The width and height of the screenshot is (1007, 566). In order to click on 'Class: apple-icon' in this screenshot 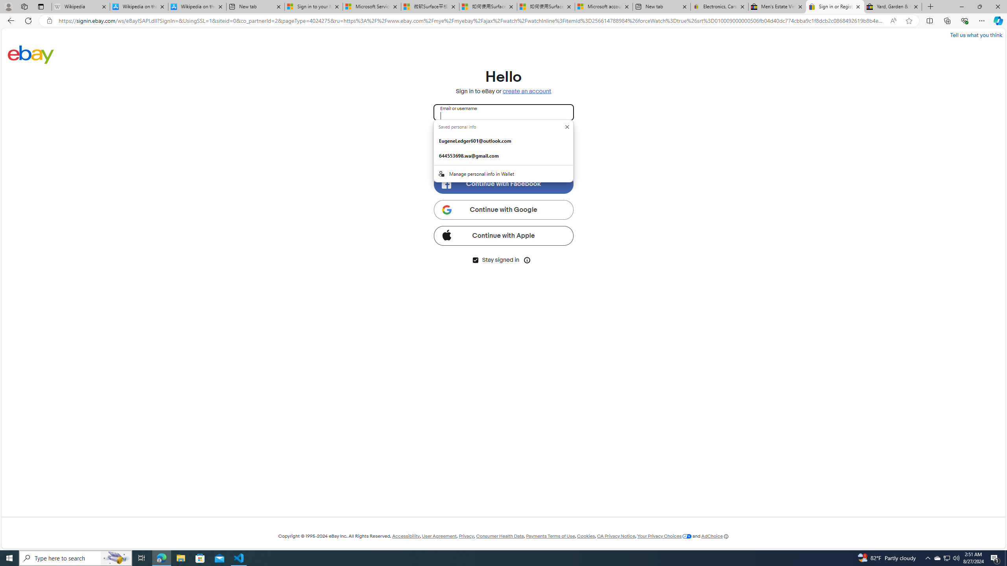, I will do `click(446, 234)`.